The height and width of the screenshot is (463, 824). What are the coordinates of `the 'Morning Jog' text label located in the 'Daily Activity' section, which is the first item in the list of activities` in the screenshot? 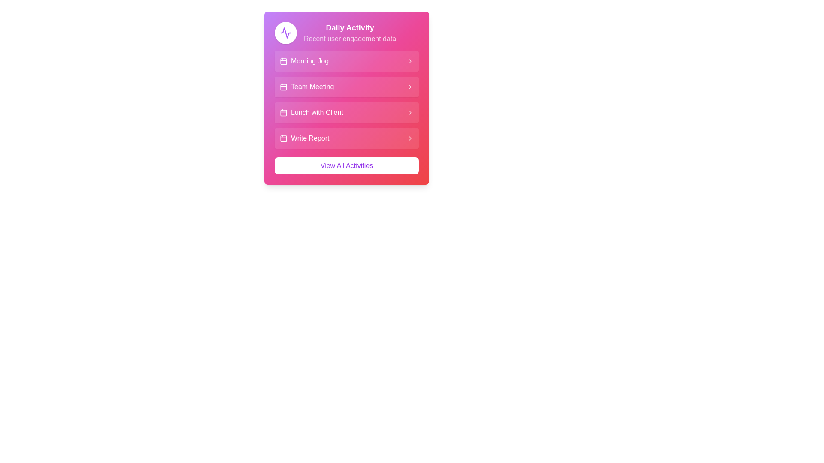 It's located at (309, 60).